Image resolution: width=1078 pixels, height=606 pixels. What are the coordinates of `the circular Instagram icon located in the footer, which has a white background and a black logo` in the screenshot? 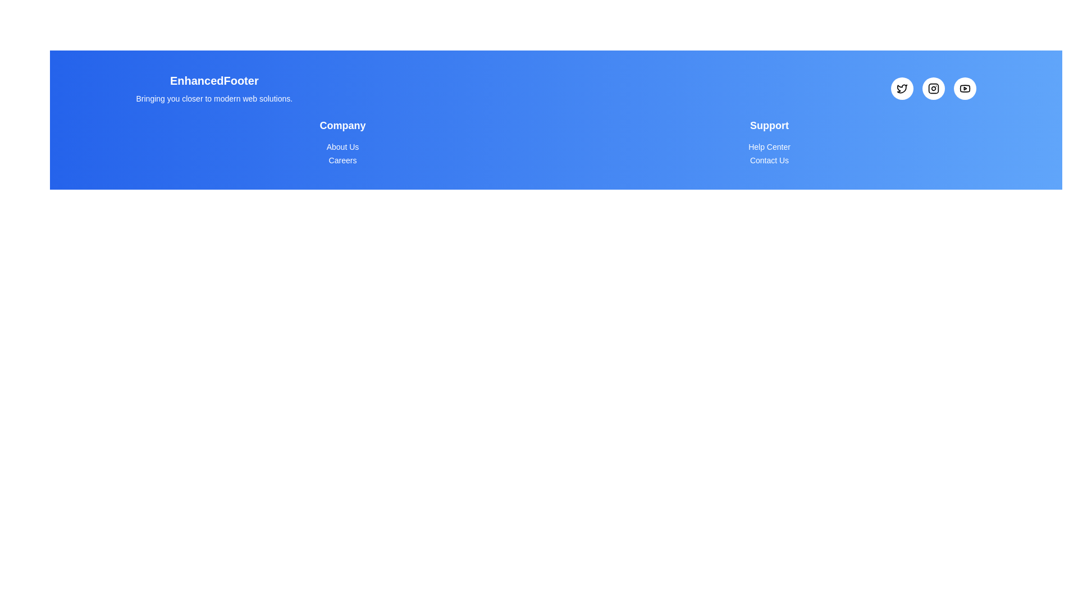 It's located at (933, 88).